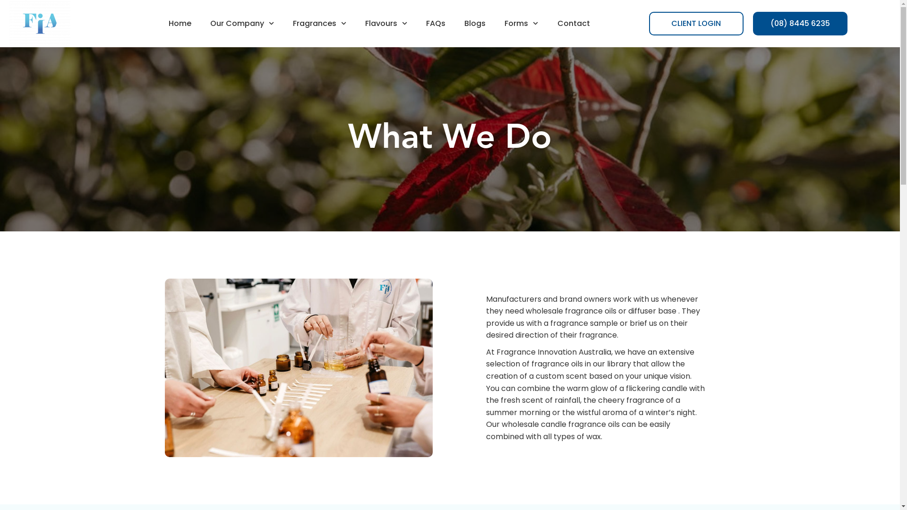 This screenshot has height=510, width=907. I want to click on 'Our Company', so click(200, 23).